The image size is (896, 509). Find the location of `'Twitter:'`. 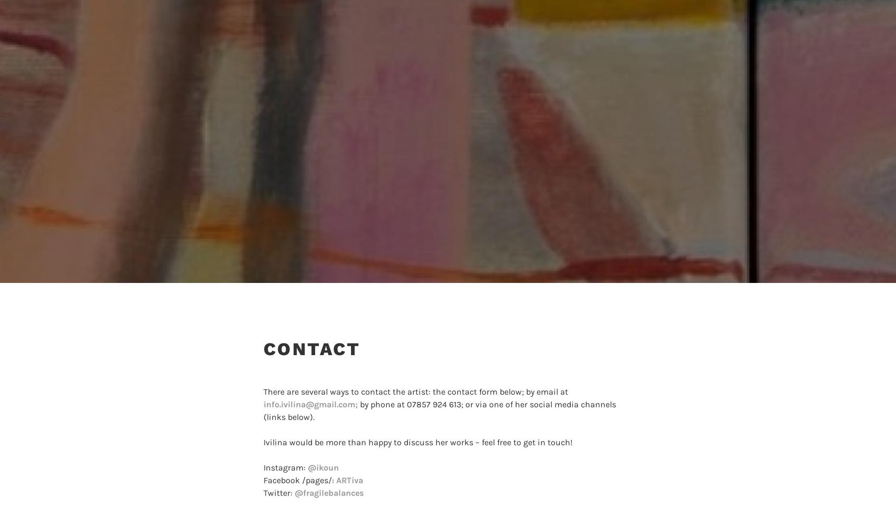

'Twitter:' is located at coordinates (279, 493).